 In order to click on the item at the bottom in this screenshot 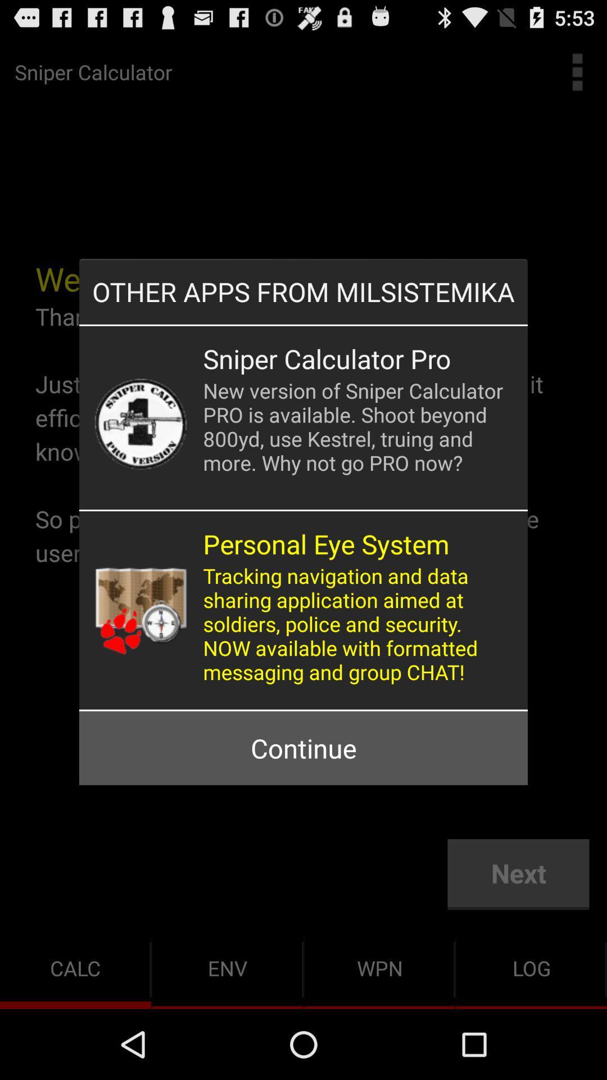, I will do `click(303, 748)`.